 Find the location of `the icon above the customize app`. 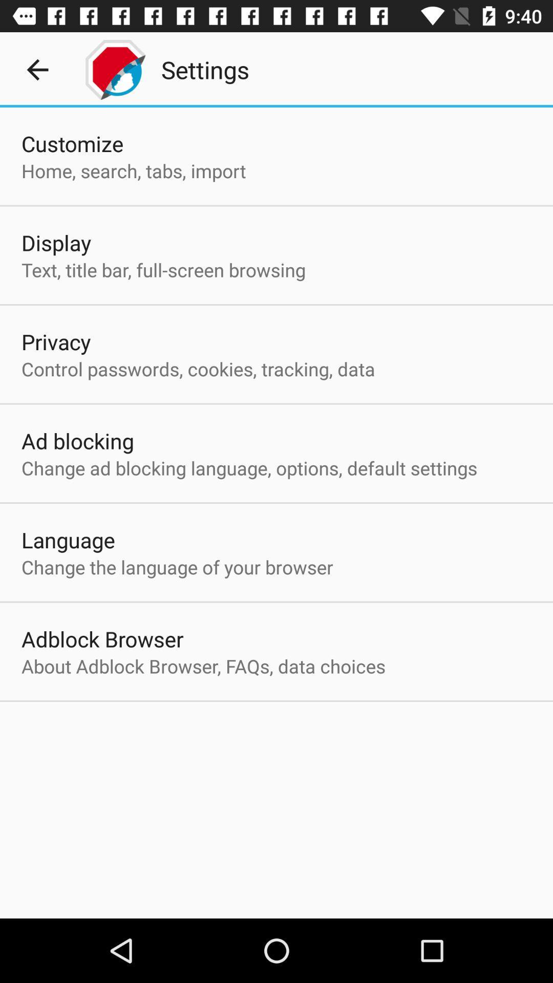

the icon above the customize app is located at coordinates (37, 69).